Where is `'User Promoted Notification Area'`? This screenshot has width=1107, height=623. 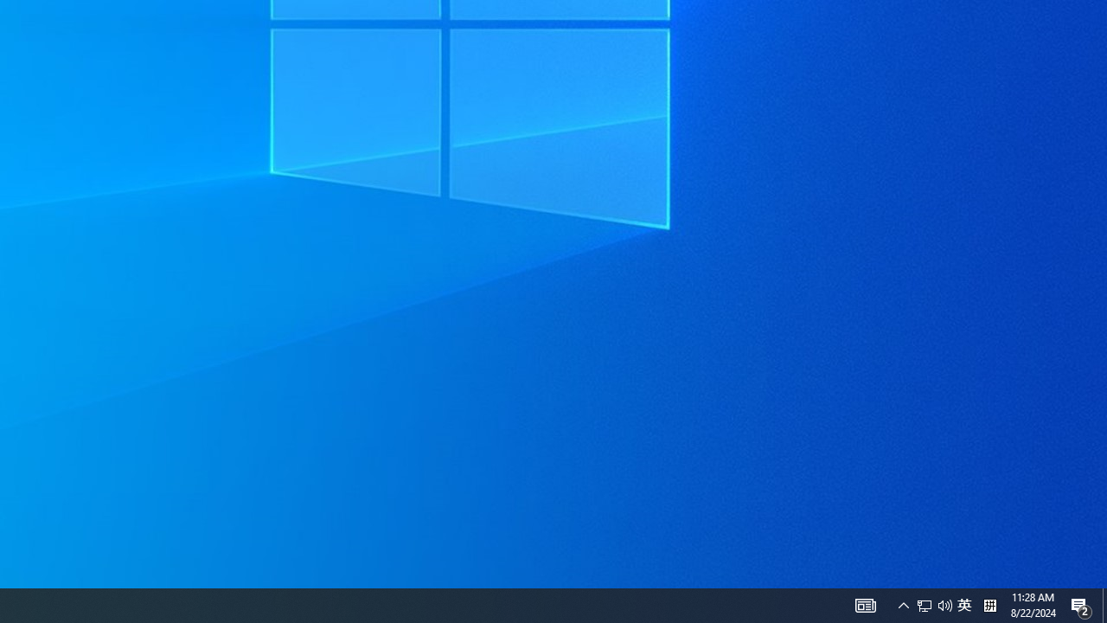
'User Promoted Notification Area' is located at coordinates (933, 604).